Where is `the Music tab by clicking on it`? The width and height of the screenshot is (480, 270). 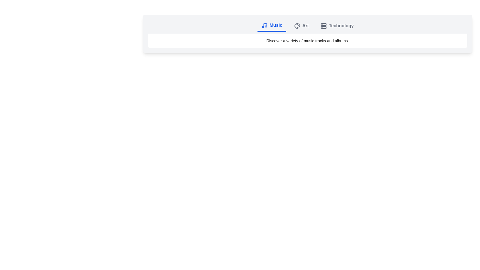 the Music tab by clicking on it is located at coordinates (271, 26).